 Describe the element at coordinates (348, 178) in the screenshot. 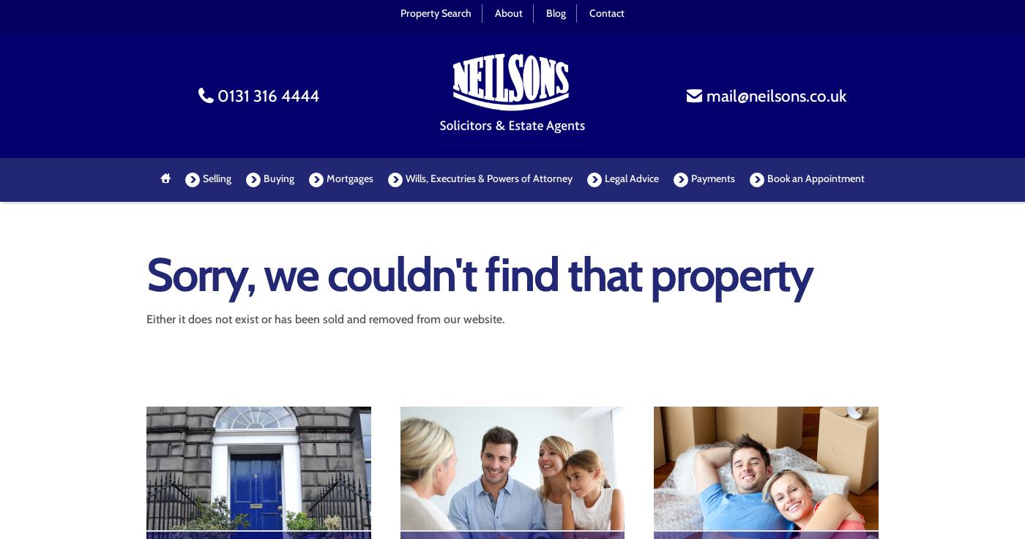

I see `'Mortgages'` at that location.